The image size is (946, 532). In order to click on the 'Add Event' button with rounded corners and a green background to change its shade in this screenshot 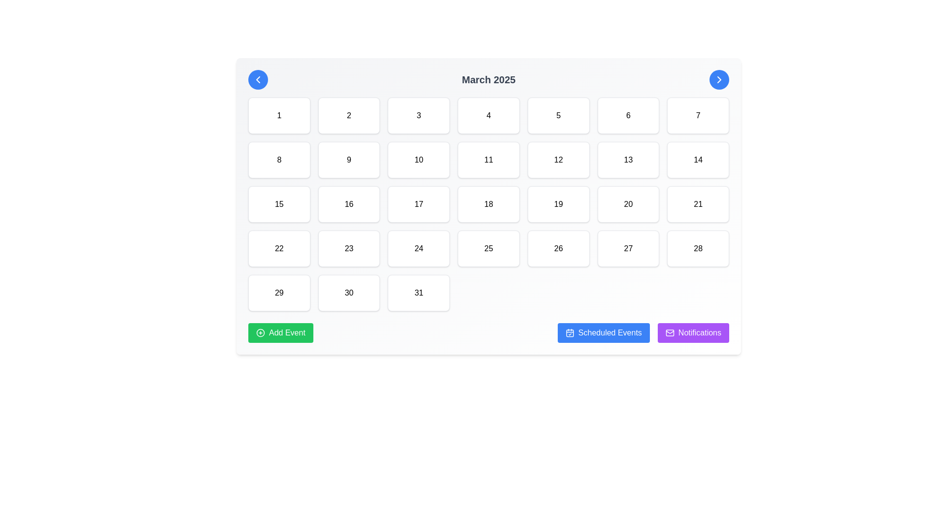, I will do `click(280, 332)`.